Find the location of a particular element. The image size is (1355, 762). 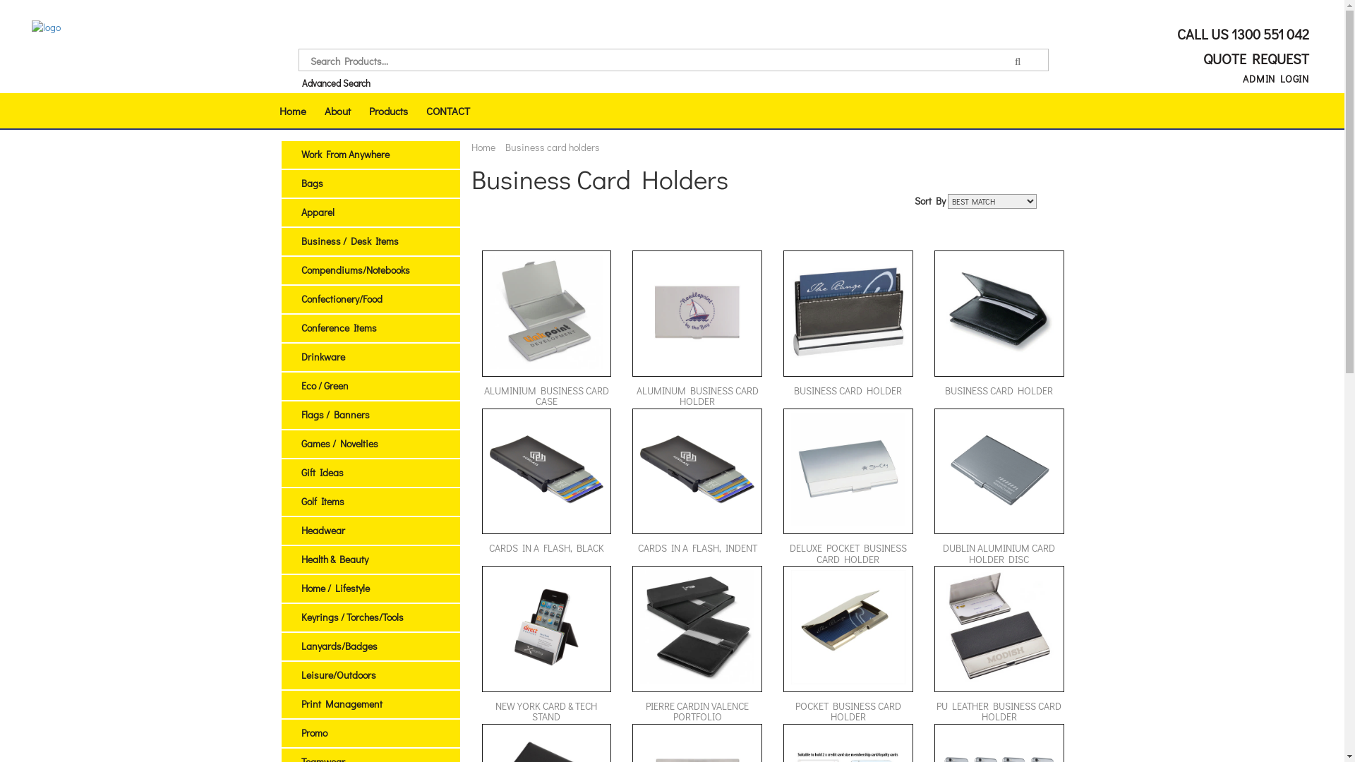

'CARDS IN A FLASH, INDENT' is located at coordinates (697, 486).